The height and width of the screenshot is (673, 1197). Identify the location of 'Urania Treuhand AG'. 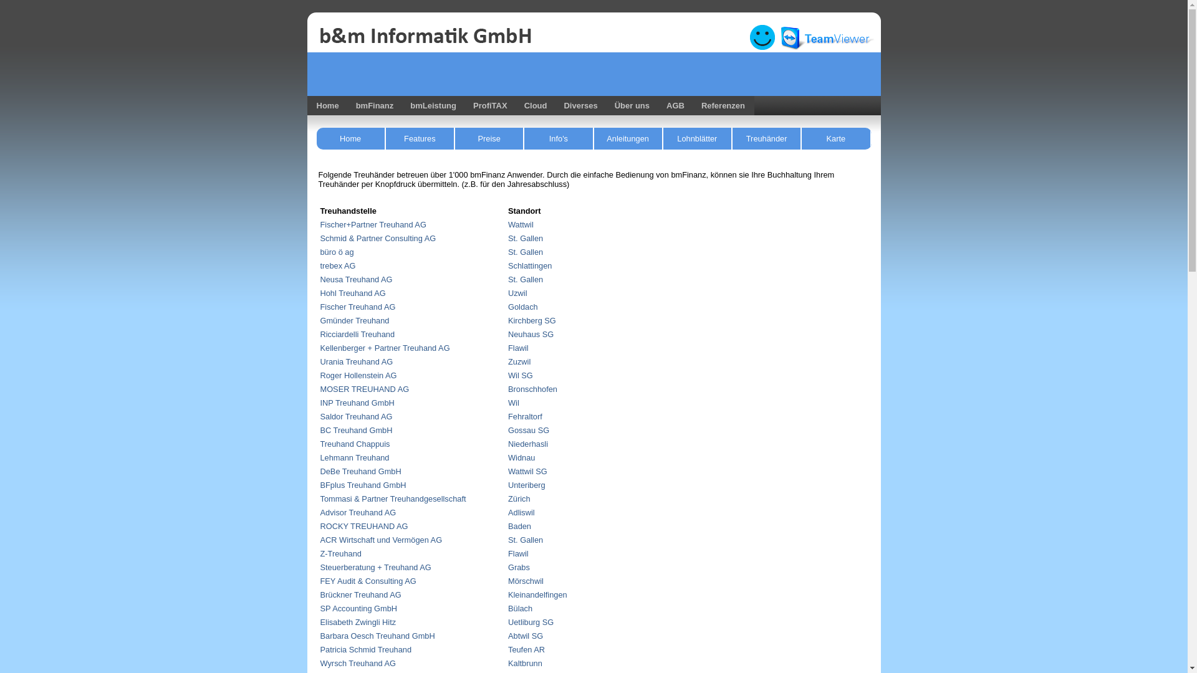
(320, 361).